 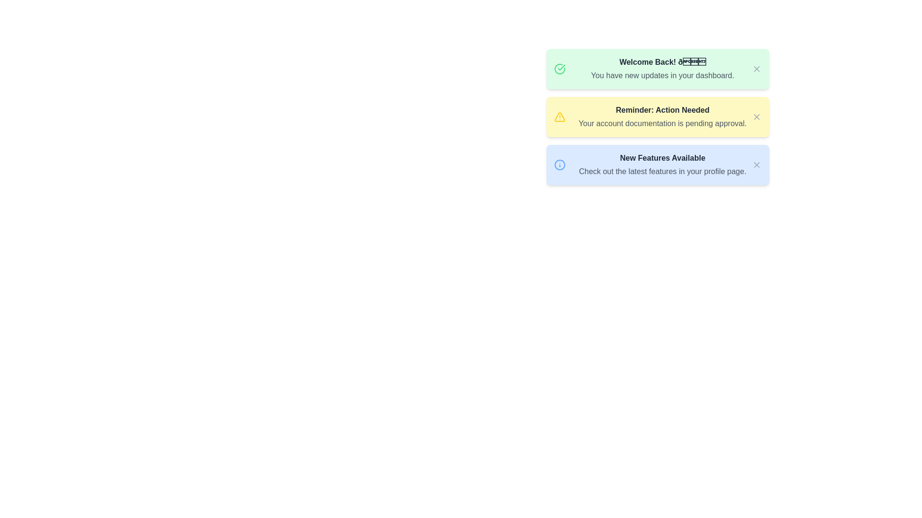 What do you see at coordinates (756, 68) in the screenshot?
I see `the close button located in the top-right corner of the green notification card that displays 'Welcome Back!' and 'You have new updates in your dashboard.'` at bounding box center [756, 68].